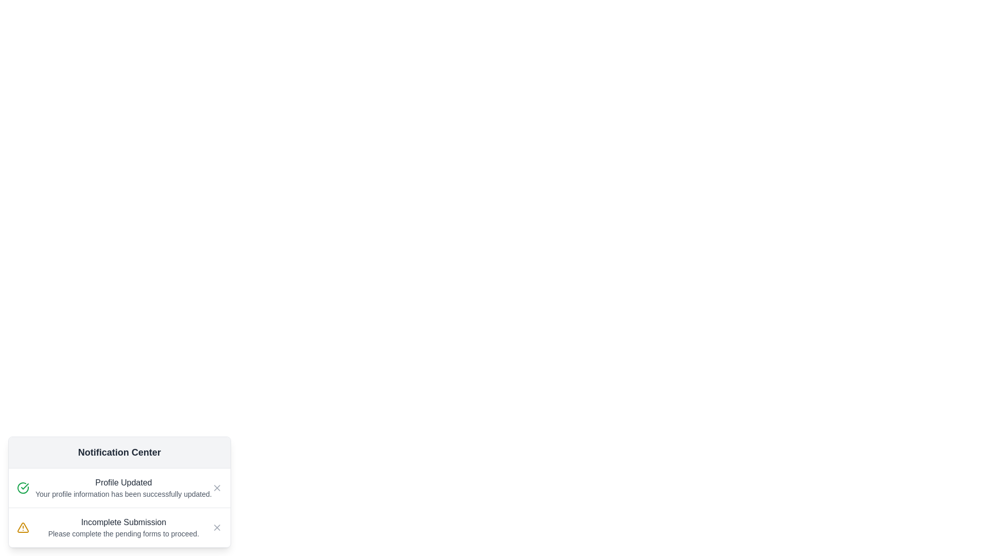 The height and width of the screenshot is (556, 988). What do you see at coordinates (123, 522) in the screenshot?
I see `the headline text indicating an incomplete submission in the notification system, located below 'Profile Updated' in the Notification Center` at bounding box center [123, 522].